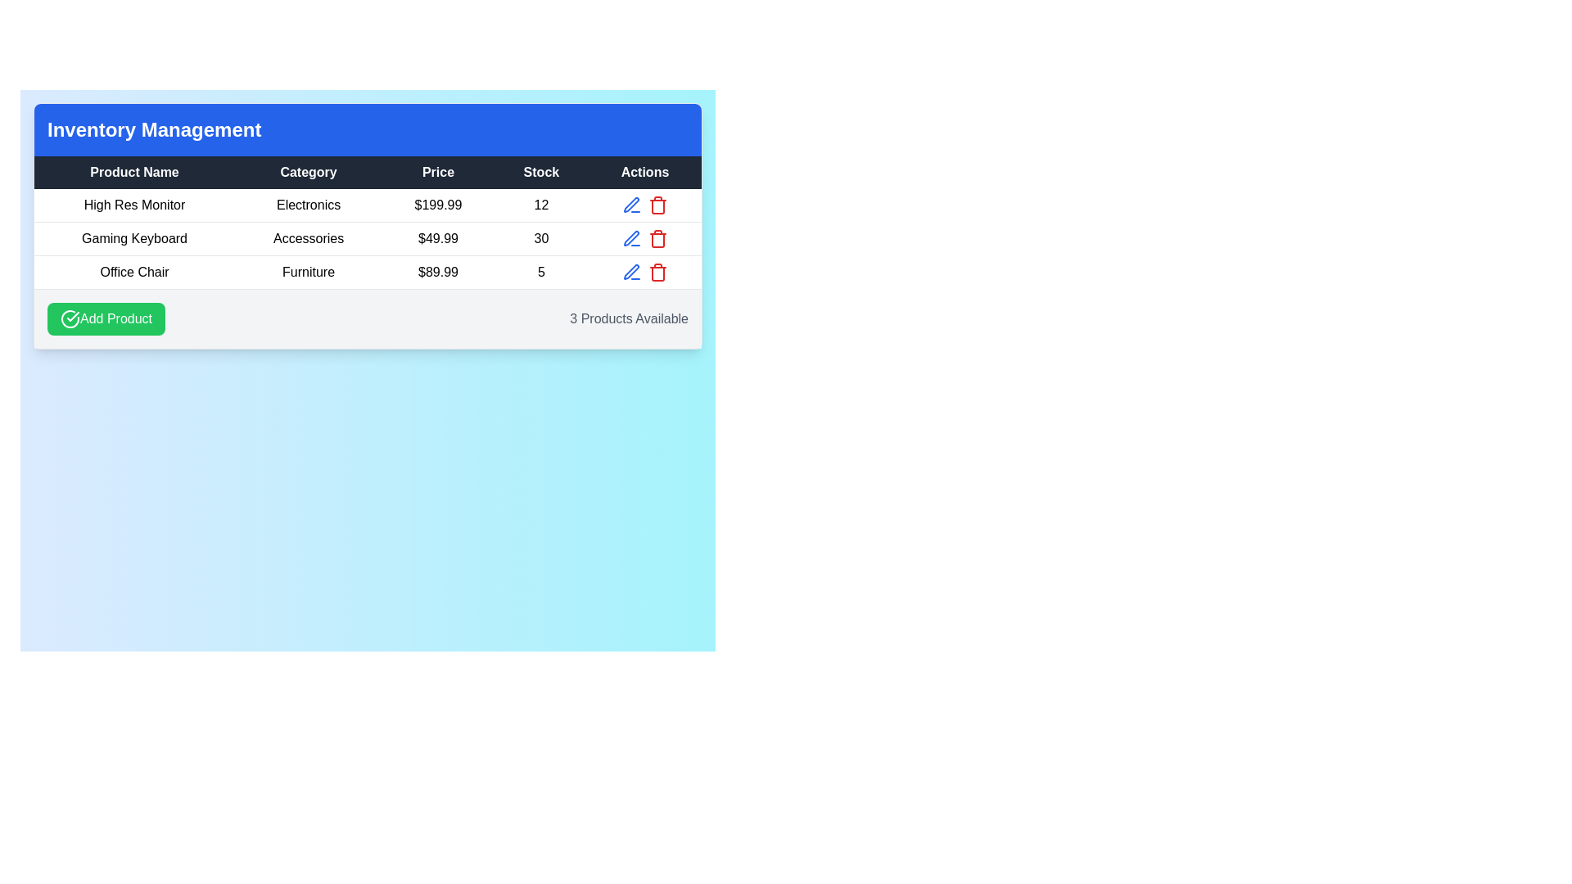 The width and height of the screenshot is (1572, 884). Describe the element at coordinates (541, 173) in the screenshot. I see `the 'Stock' header text label, which is the fourth label in a series of headers located between 'Price' and 'Actions'` at that location.